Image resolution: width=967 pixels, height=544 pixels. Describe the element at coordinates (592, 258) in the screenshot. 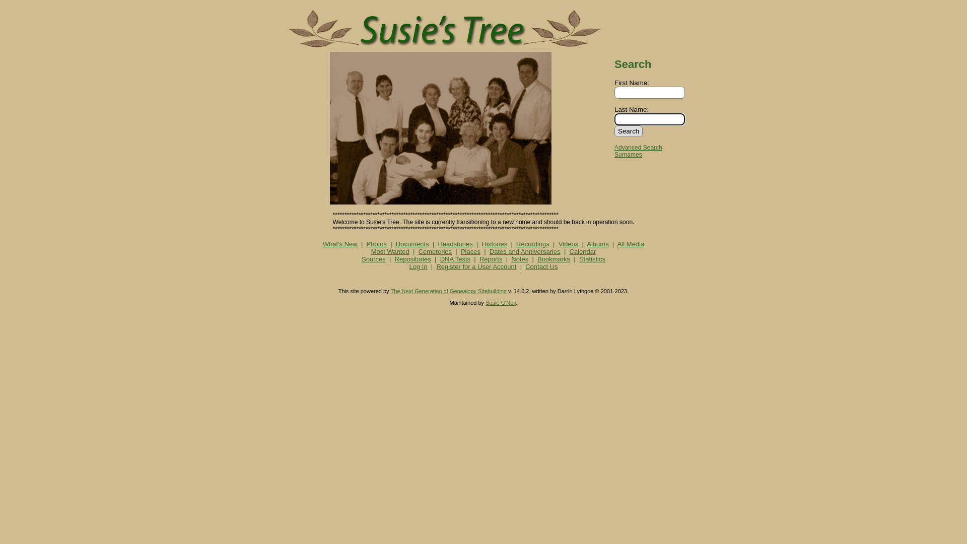

I see `'Statistics'` at that location.